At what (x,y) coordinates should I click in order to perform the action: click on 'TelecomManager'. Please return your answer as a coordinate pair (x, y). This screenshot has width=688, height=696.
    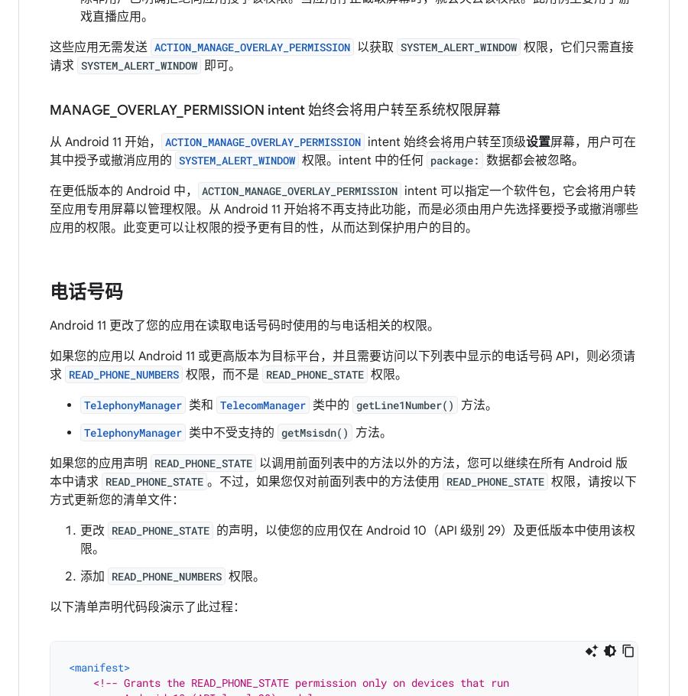
    Looking at the image, I should click on (262, 404).